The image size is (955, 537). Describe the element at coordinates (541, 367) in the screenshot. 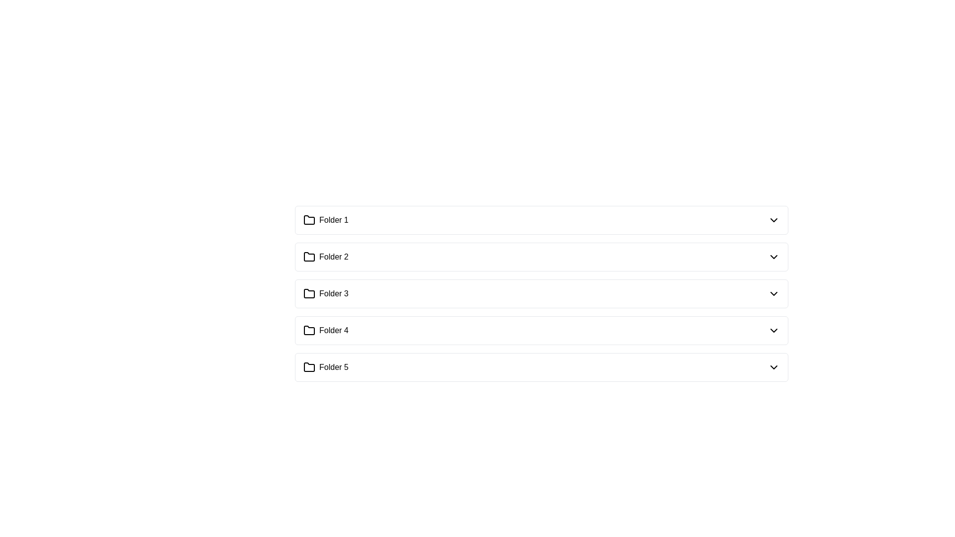

I see `the fifth folder item in the vertical list` at that location.